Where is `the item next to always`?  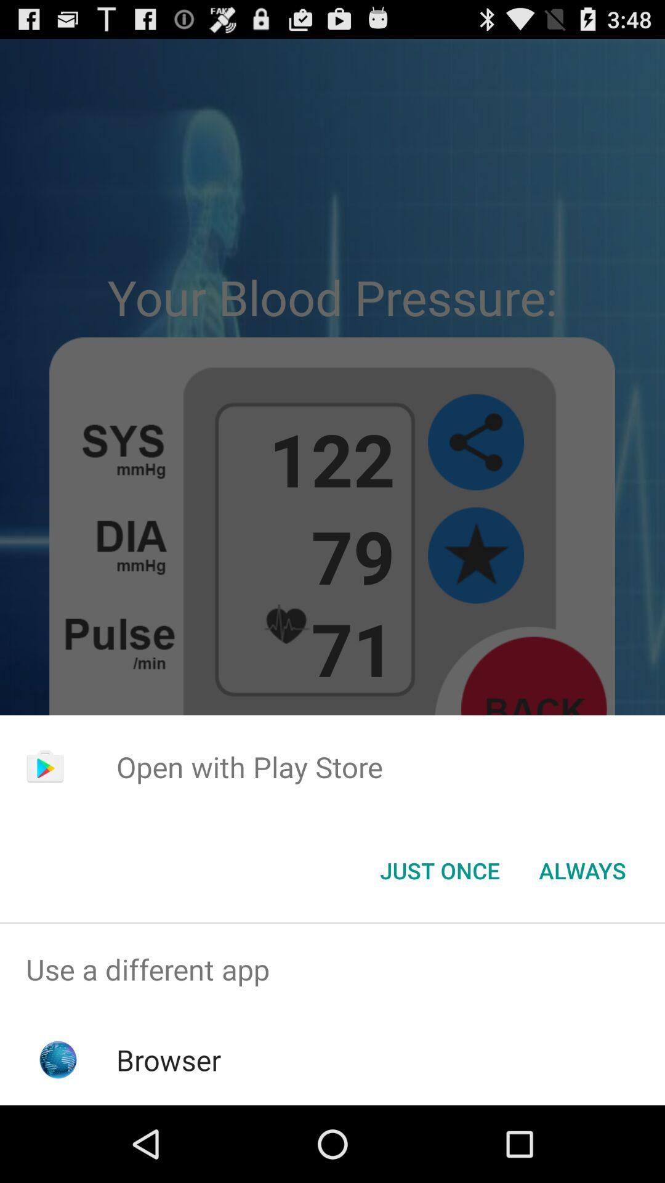
the item next to always is located at coordinates (439, 869).